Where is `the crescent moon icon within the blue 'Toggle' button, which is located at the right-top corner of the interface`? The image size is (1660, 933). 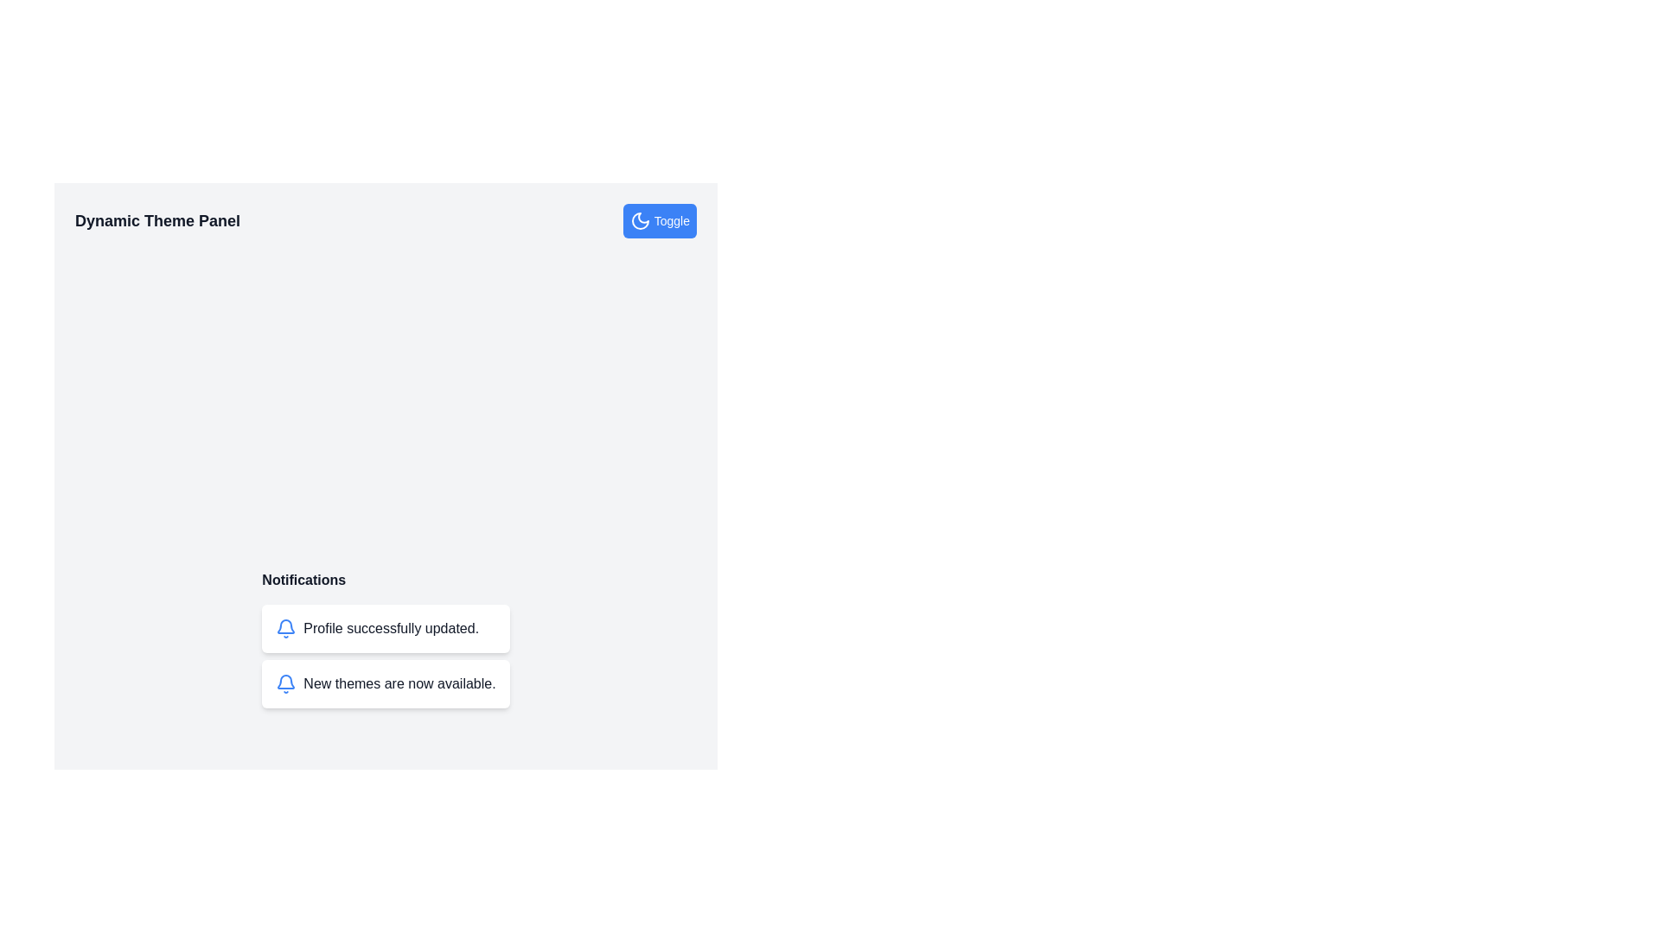
the crescent moon icon within the blue 'Toggle' button, which is located at the right-top corner of the interface is located at coordinates (639, 219).